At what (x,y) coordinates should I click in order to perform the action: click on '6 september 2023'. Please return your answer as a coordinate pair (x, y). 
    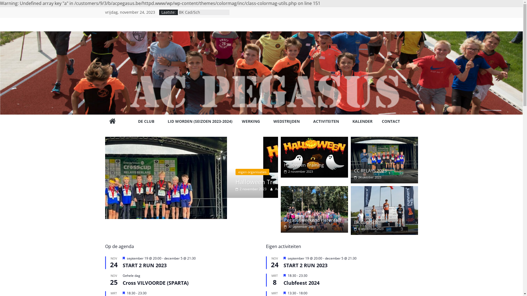
    Looking at the image, I should click on (354, 229).